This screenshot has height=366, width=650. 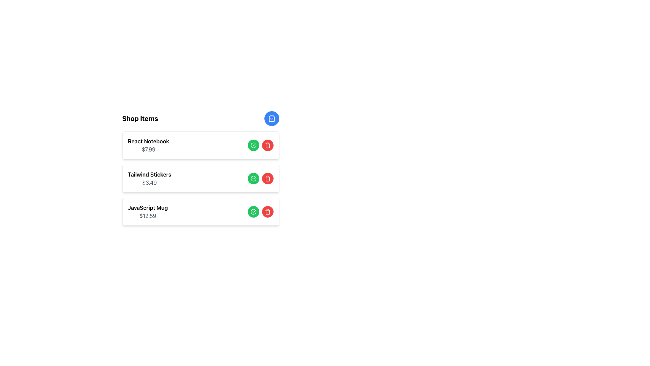 What do you see at coordinates (149, 178) in the screenshot?
I see `the static text display that shows the name and price of the second product entry in a vertically arranged list, located slightly below the midpoint on the left side of the interface` at bounding box center [149, 178].